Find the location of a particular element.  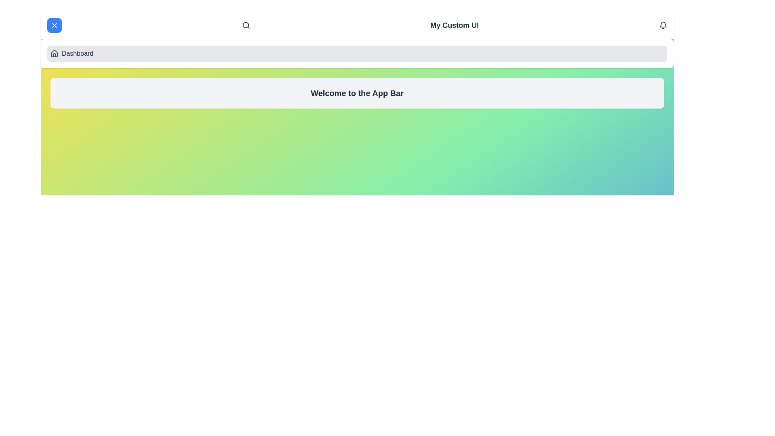

the menu toggle button to toggle the menu state is located at coordinates (54, 25).